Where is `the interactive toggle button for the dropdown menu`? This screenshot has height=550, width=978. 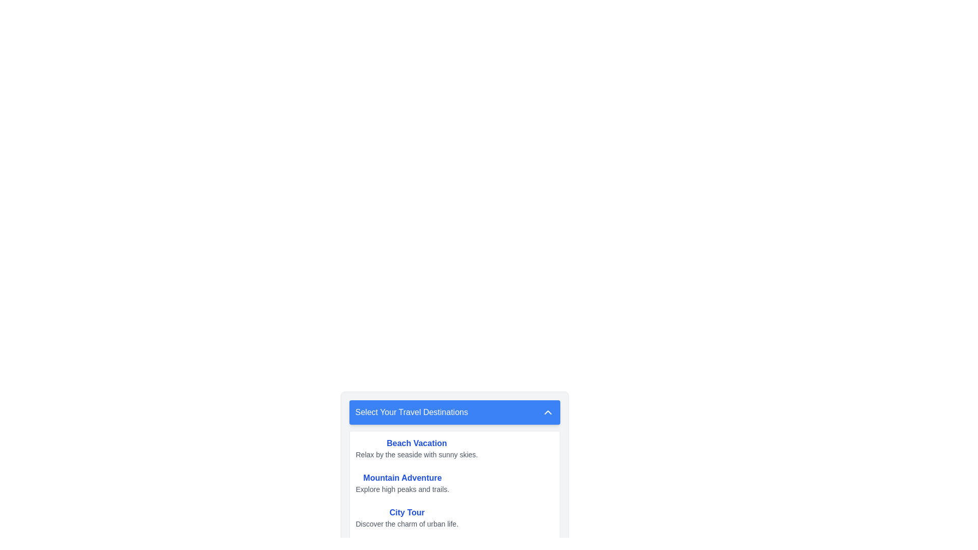 the interactive toggle button for the dropdown menu is located at coordinates (454, 413).